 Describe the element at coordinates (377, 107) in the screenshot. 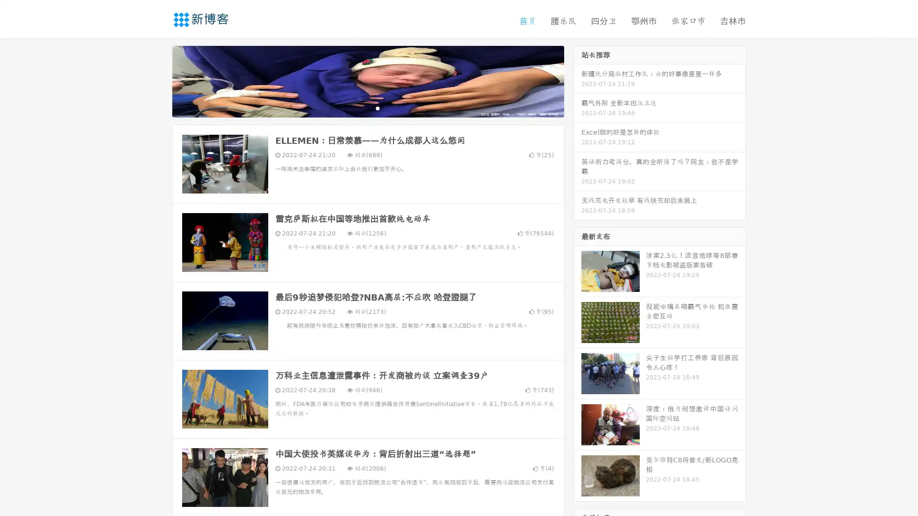

I see `Go to slide 3` at that location.